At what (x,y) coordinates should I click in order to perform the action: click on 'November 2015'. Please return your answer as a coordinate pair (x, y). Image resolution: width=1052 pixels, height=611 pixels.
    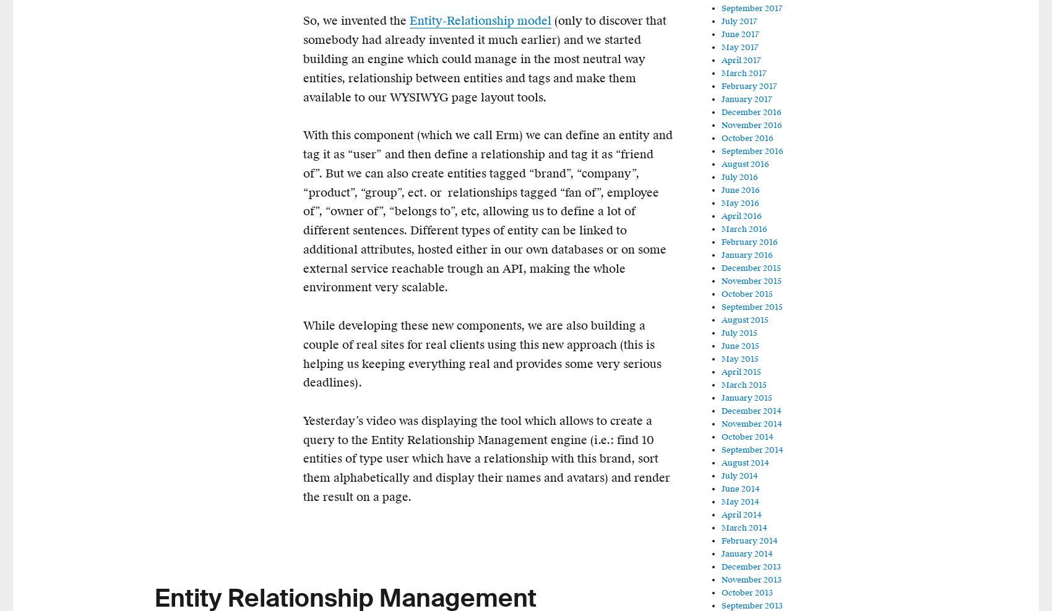
    Looking at the image, I should click on (751, 281).